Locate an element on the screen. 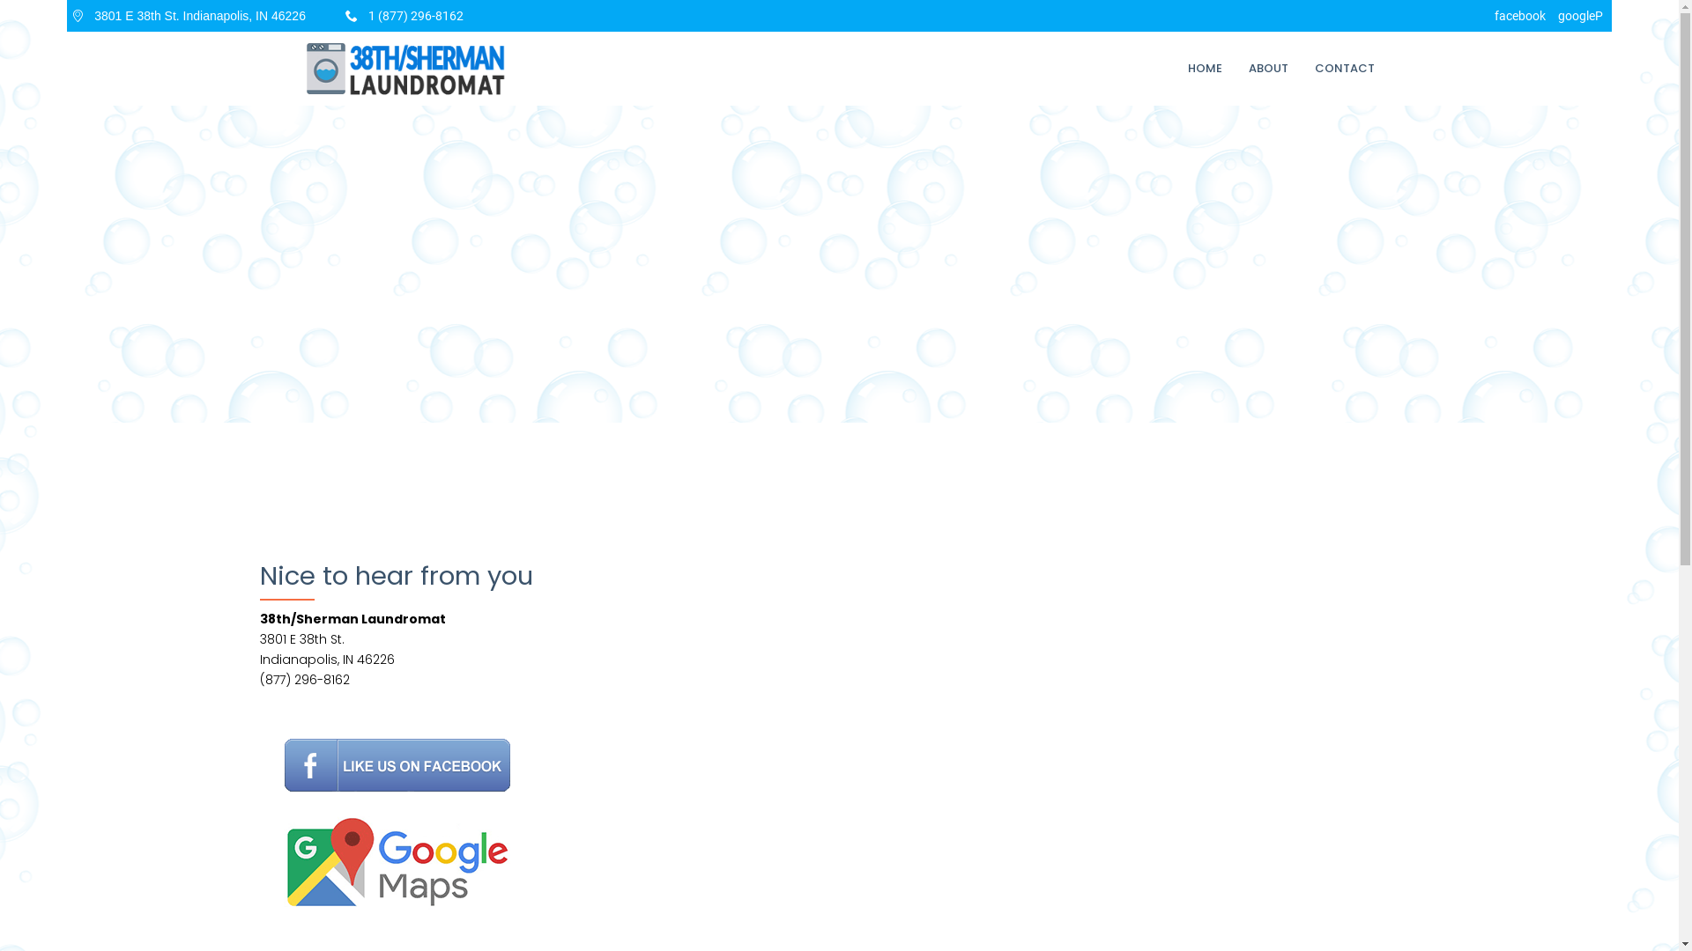 This screenshot has height=951, width=1692. 'HOME' is located at coordinates (1204, 67).